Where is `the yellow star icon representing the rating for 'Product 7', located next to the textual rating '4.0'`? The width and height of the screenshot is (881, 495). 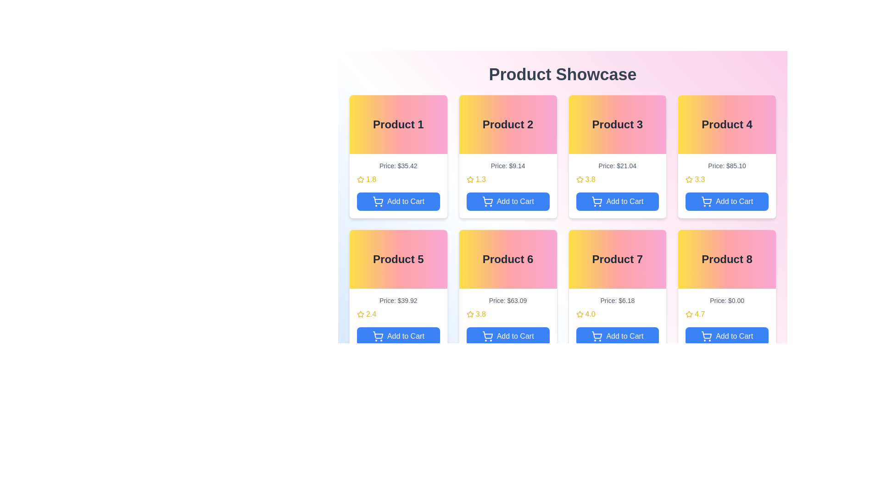
the yellow star icon representing the rating for 'Product 7', located next to the textual rating '4.0' is located at coordinates (579, 314).